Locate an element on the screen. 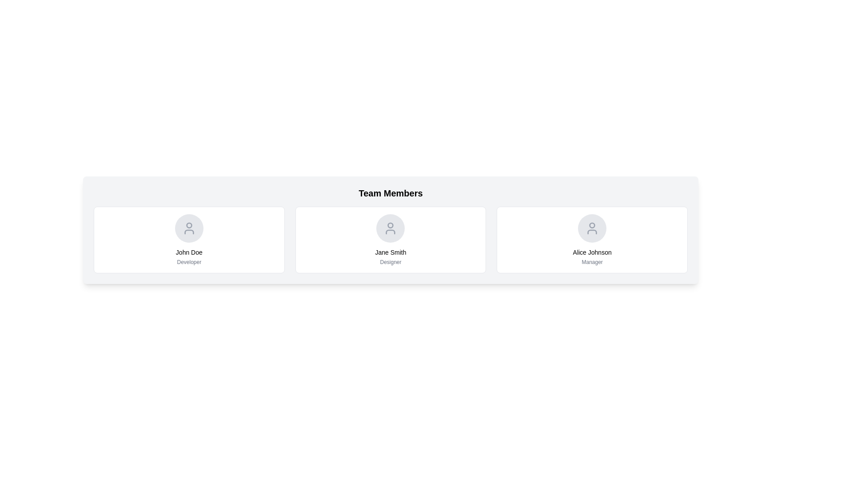  the user profile icon located in the center panel, at the top of a circular area filled with a light gray background is located at coordinates (391, 228).